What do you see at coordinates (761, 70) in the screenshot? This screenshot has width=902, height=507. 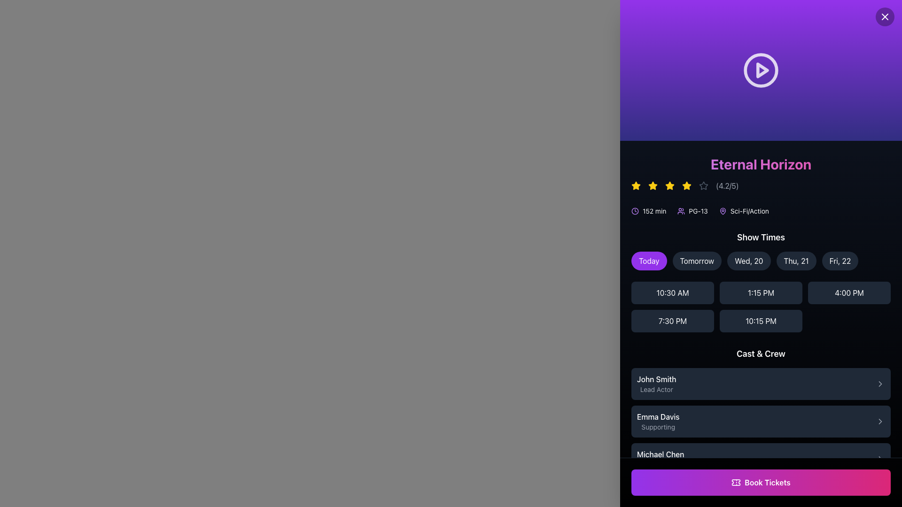 I see `the play button located centrally within the purple header area above the title 'Eternal Horizon'` at bounding box center [761, 70].